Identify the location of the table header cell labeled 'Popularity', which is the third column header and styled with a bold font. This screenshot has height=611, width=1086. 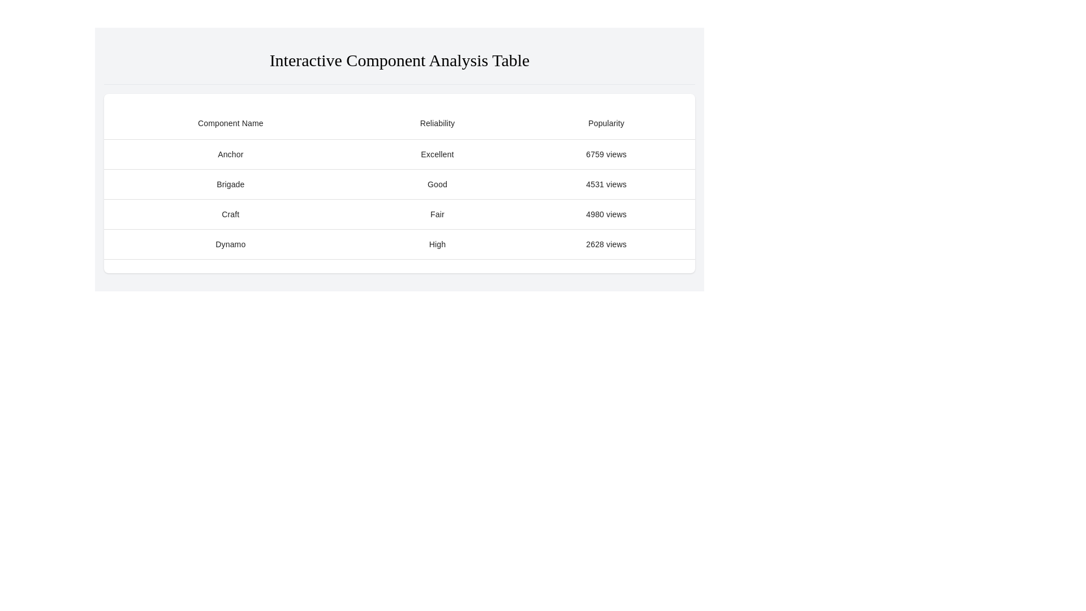
(606, 123).